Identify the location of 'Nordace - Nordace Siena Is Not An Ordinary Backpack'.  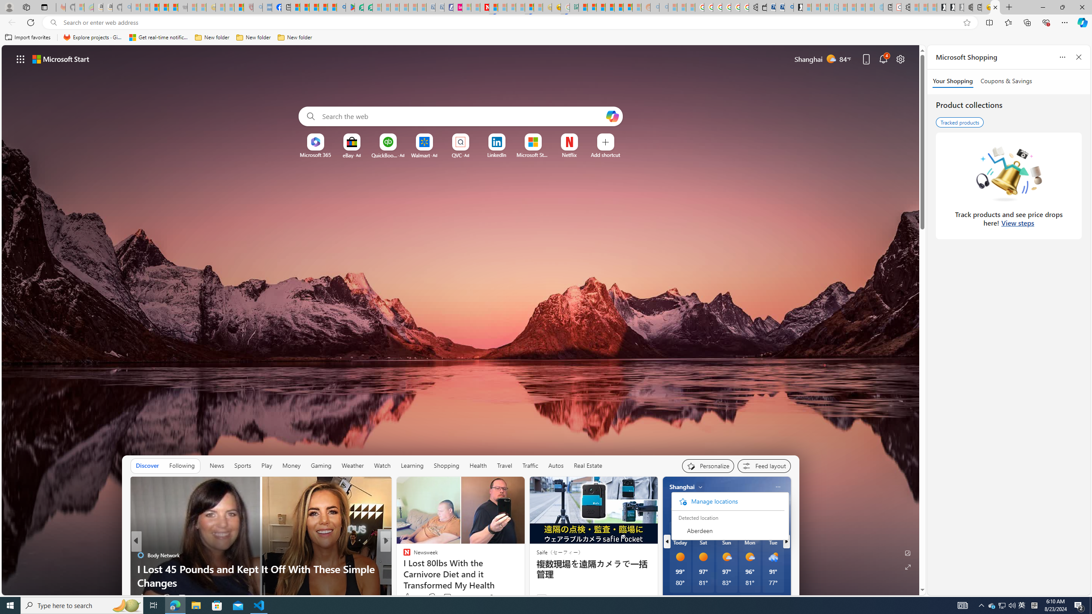
(967, 7).